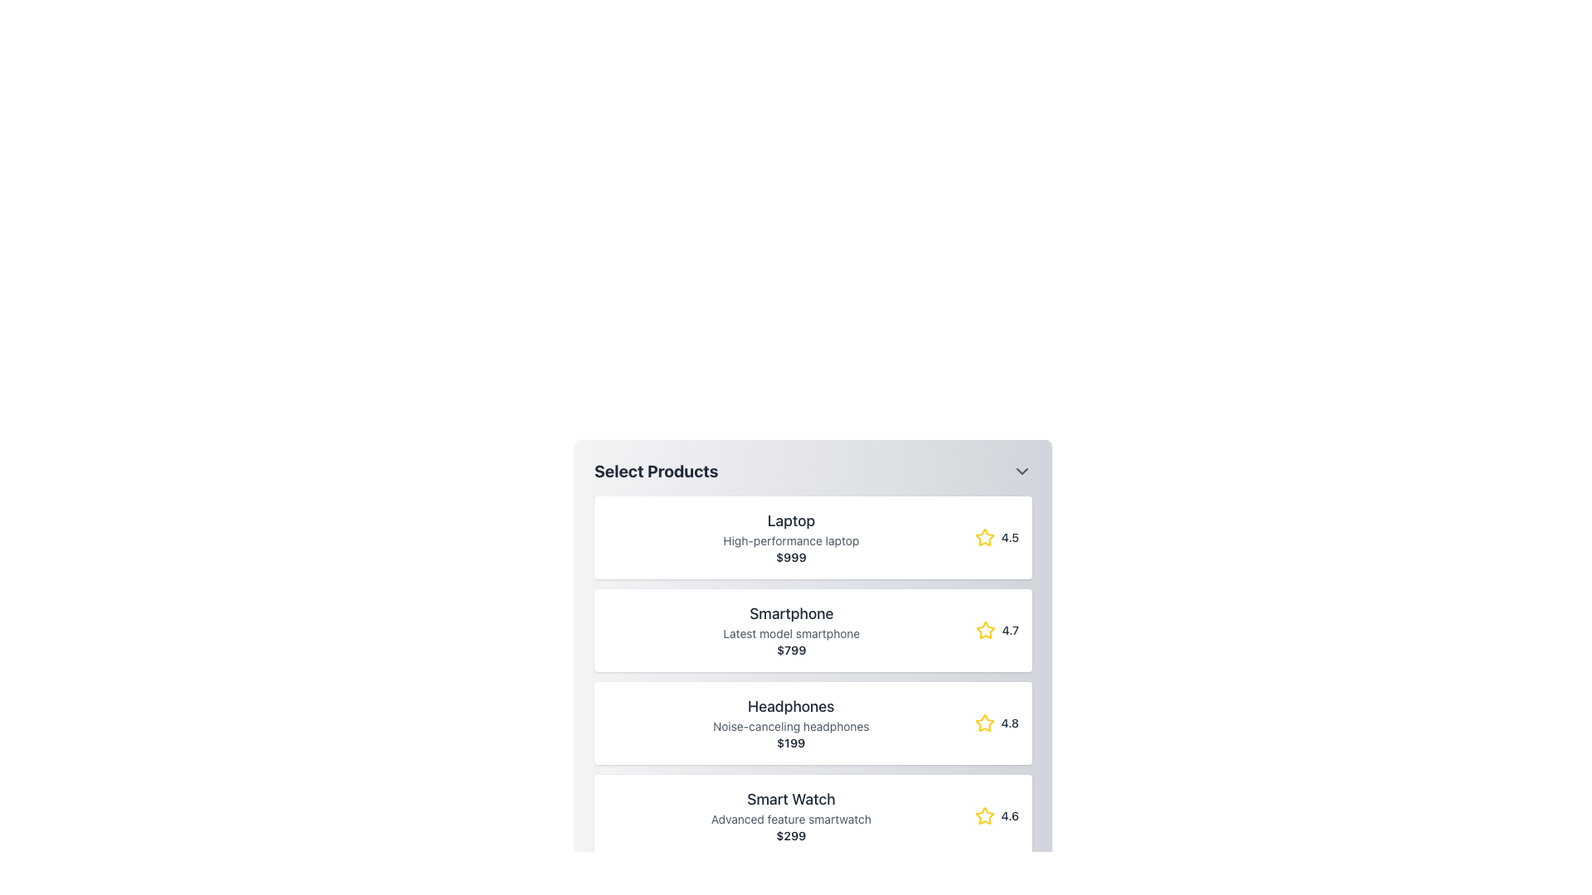  What do you see at coordinates (996, 537) in the screenshot?
I see `the rating displayed for the 'Laptop' product, which is visually represented by a star icon and numerical value located at the end of the product row labeled 'Laptop'` at bounding box center [996, 537].